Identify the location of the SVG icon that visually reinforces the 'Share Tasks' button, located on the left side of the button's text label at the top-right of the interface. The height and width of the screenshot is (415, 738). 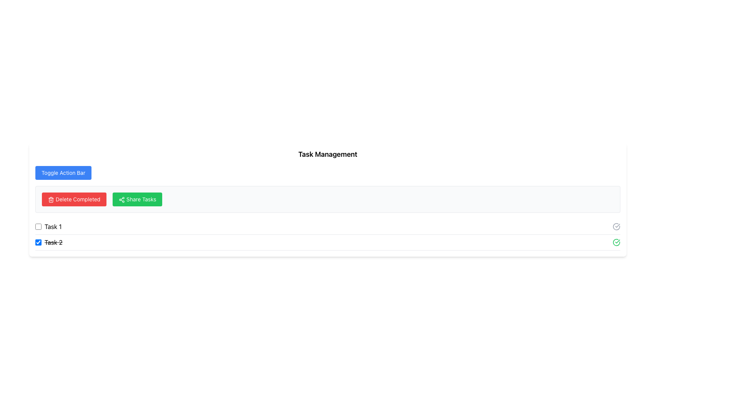
(121, 199).